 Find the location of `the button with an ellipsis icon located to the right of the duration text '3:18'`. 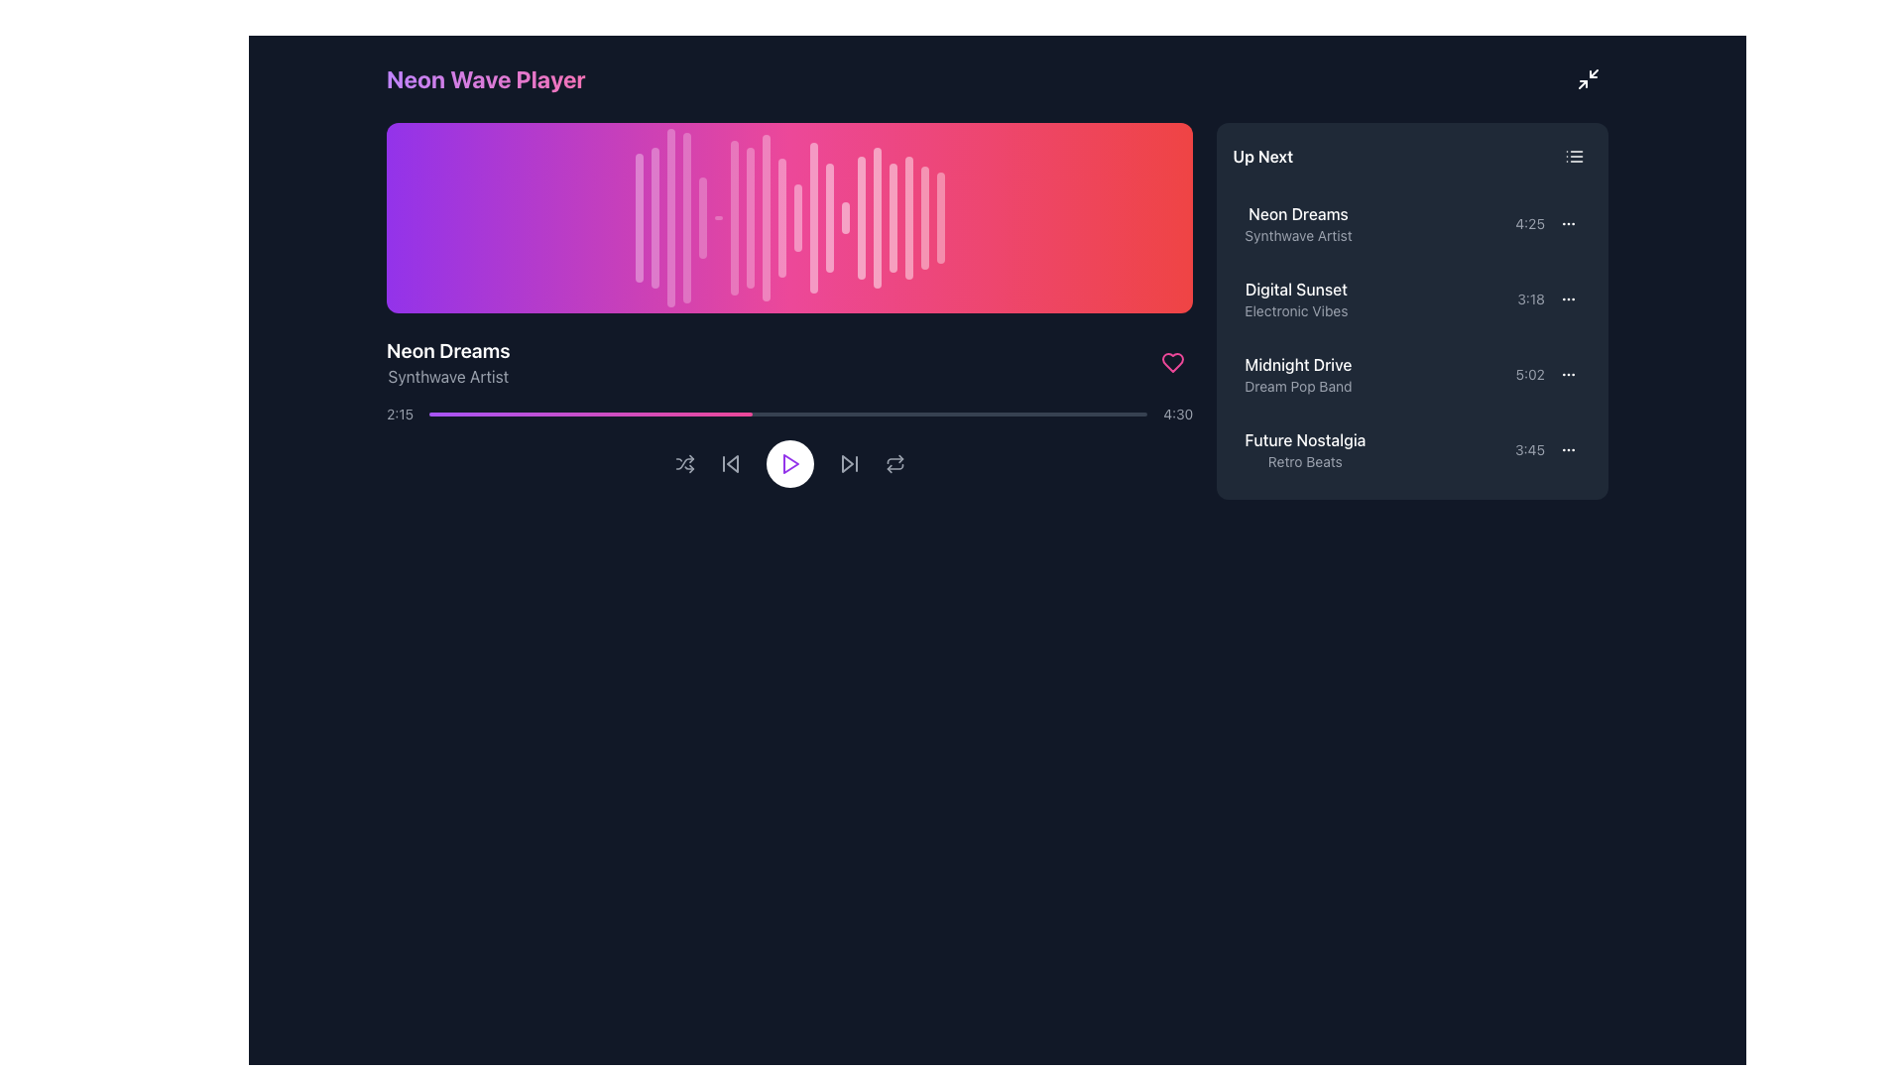

the button with an ellipsis icon located to the right of the duration text '3:18' is located at coordinates (1567, 298).